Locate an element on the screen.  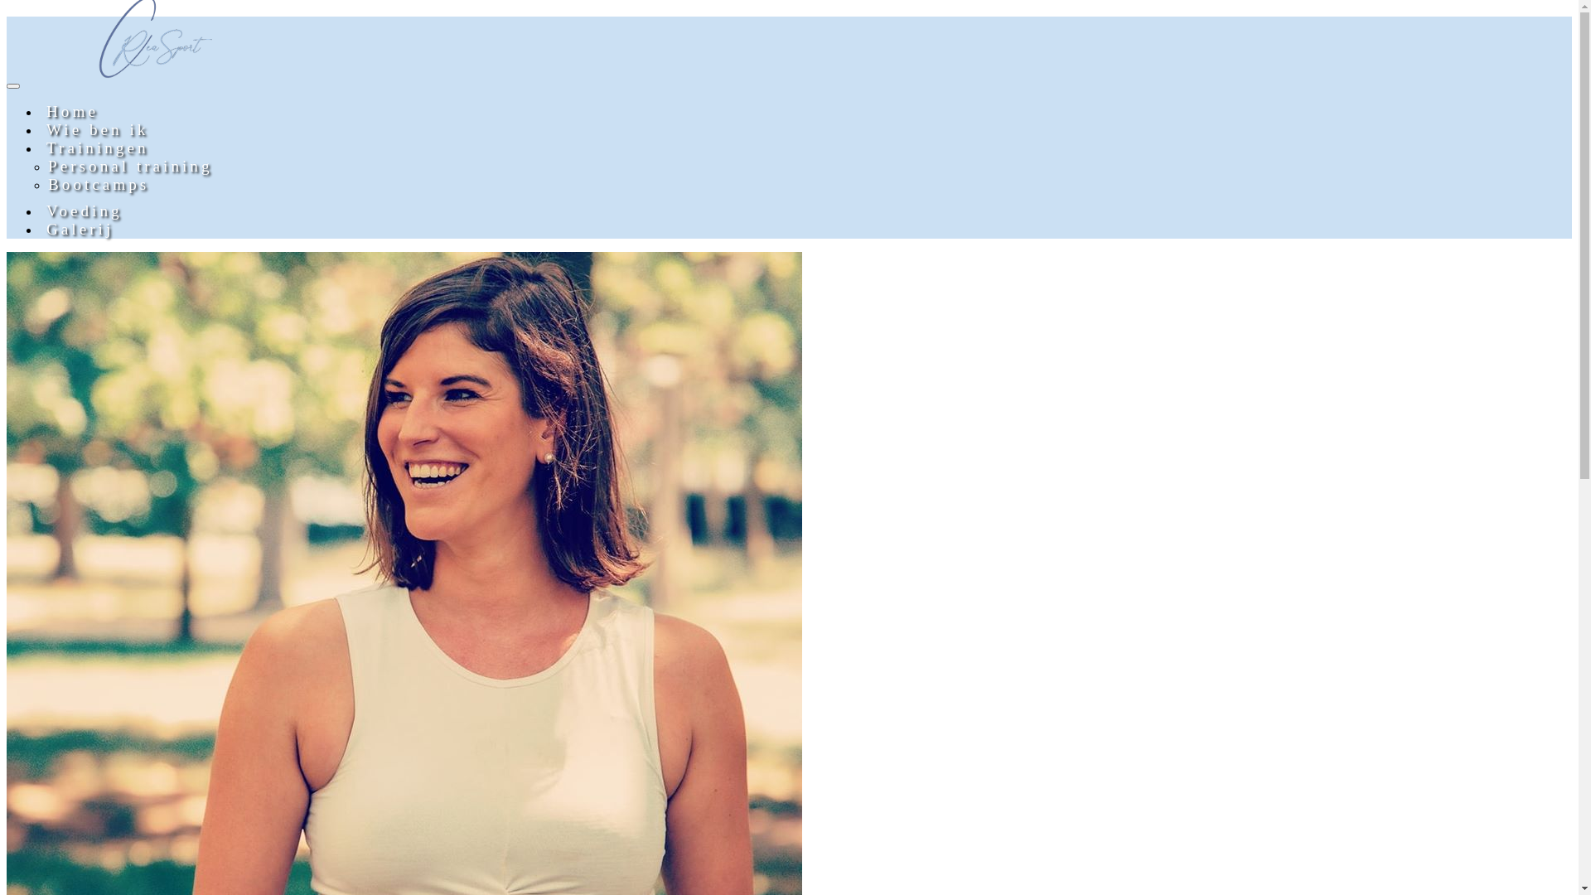
'Wie ben ik' is located at coordinates (96, 128).